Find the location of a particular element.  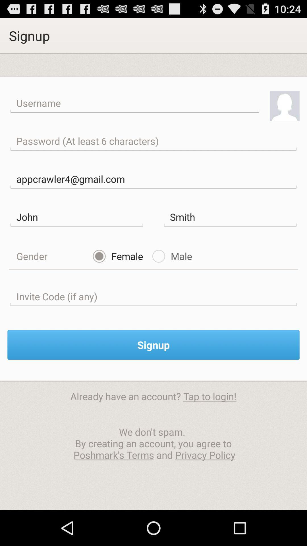

a password is located at coordinates (153, 141).